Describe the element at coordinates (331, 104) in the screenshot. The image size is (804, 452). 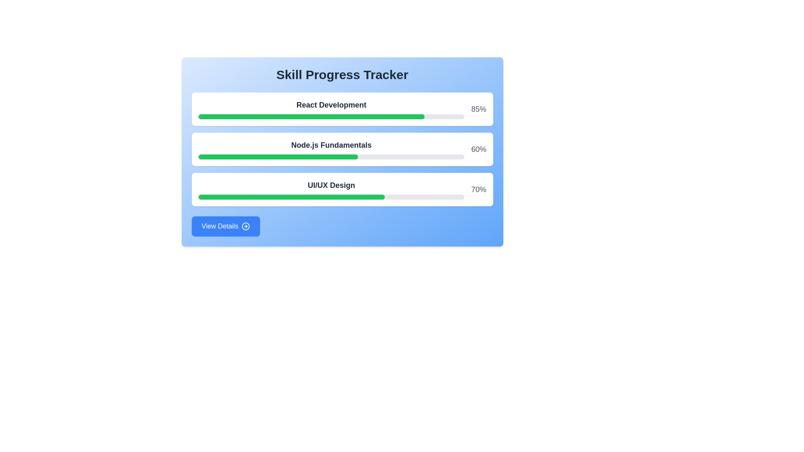
I see `the text label displaying 'React Development' which is styled in bold dark gray on a light background, positioned at the top of the vertical list of progress cards` at that location.